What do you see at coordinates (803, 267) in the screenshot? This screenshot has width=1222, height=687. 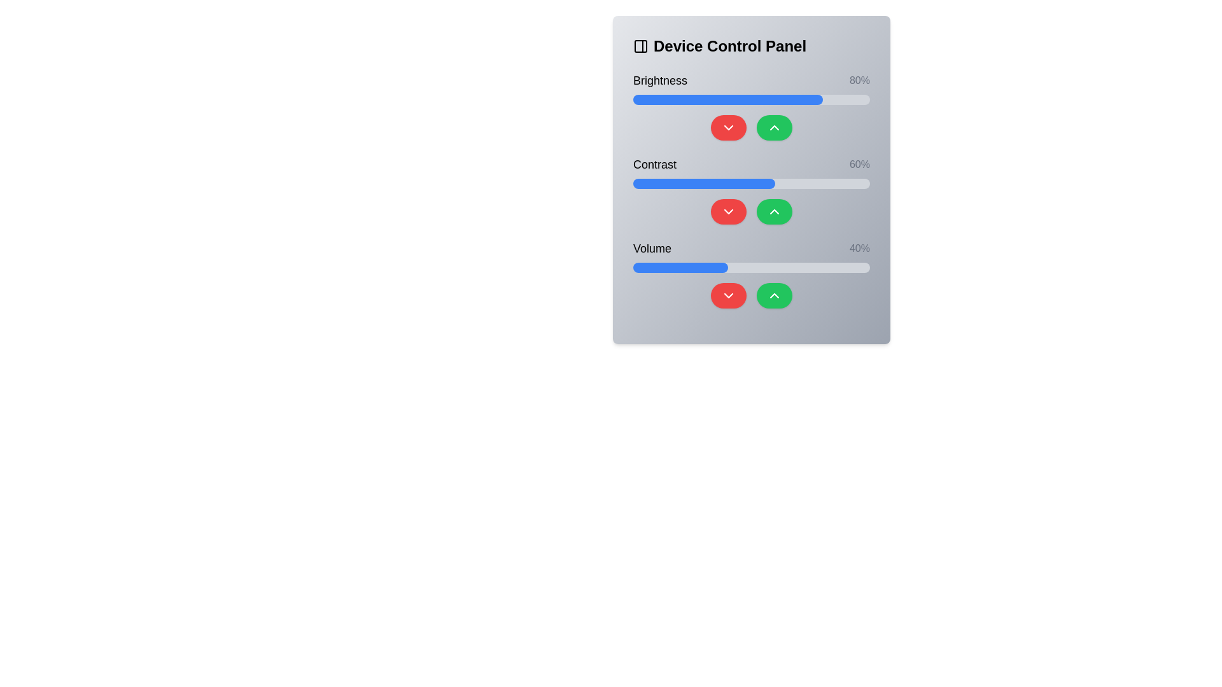 I see `the volume` at bounding box center [803, 267].